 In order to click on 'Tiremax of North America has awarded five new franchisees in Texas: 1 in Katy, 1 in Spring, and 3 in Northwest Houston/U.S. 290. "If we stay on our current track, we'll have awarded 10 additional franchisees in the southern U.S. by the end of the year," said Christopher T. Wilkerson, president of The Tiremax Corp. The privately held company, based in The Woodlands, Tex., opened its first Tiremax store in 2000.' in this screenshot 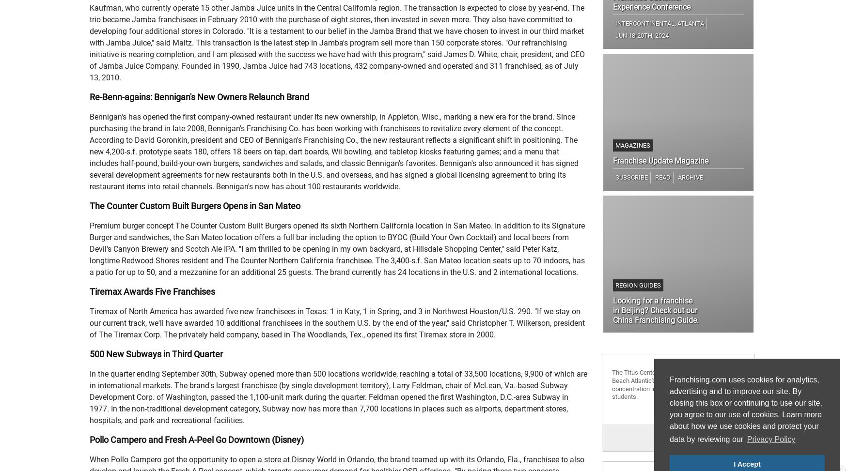, I will do `click(337, 322)`.